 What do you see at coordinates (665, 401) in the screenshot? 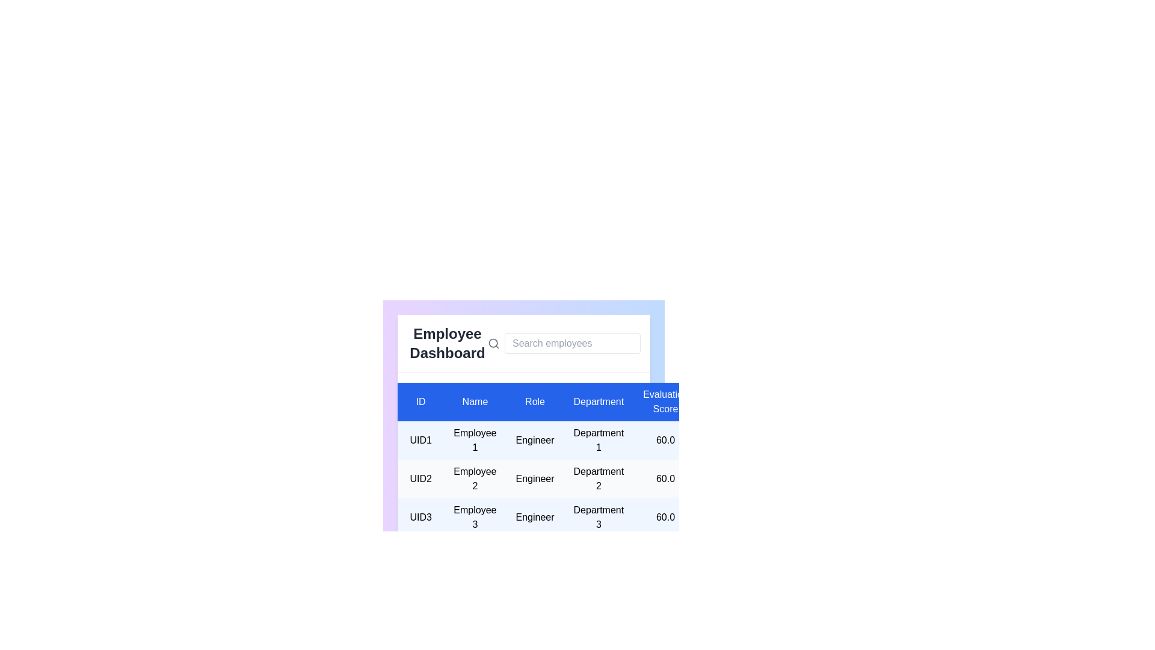
I see `the table header labeled 'Evaluation Score' to highlight the respective column` at bounding box center [665, 401].